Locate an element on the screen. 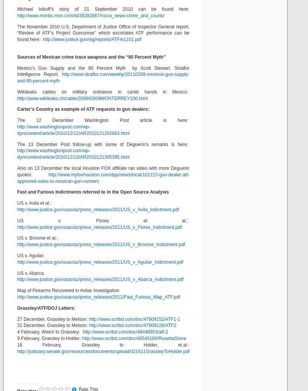 Image resolution: width=308 pixels, height=391 pixels. 'http://www.justice.gov/usao/az/press_releases/2011/US_v_Avila_Indictment.pdf' is located at coordinates (98, 209).